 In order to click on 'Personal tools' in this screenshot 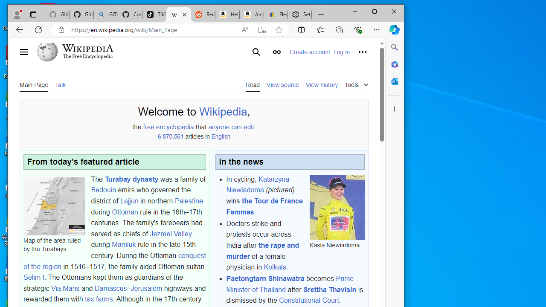, I will do `click(362, 52)`.